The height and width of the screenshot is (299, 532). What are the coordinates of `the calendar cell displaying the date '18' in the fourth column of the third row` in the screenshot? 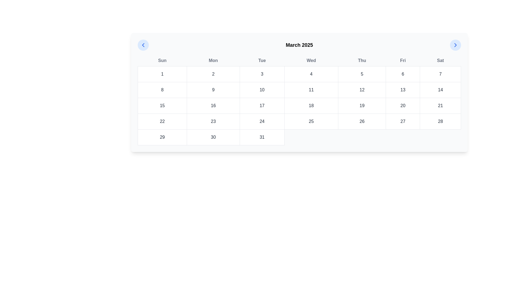 It's located at (311, 105).